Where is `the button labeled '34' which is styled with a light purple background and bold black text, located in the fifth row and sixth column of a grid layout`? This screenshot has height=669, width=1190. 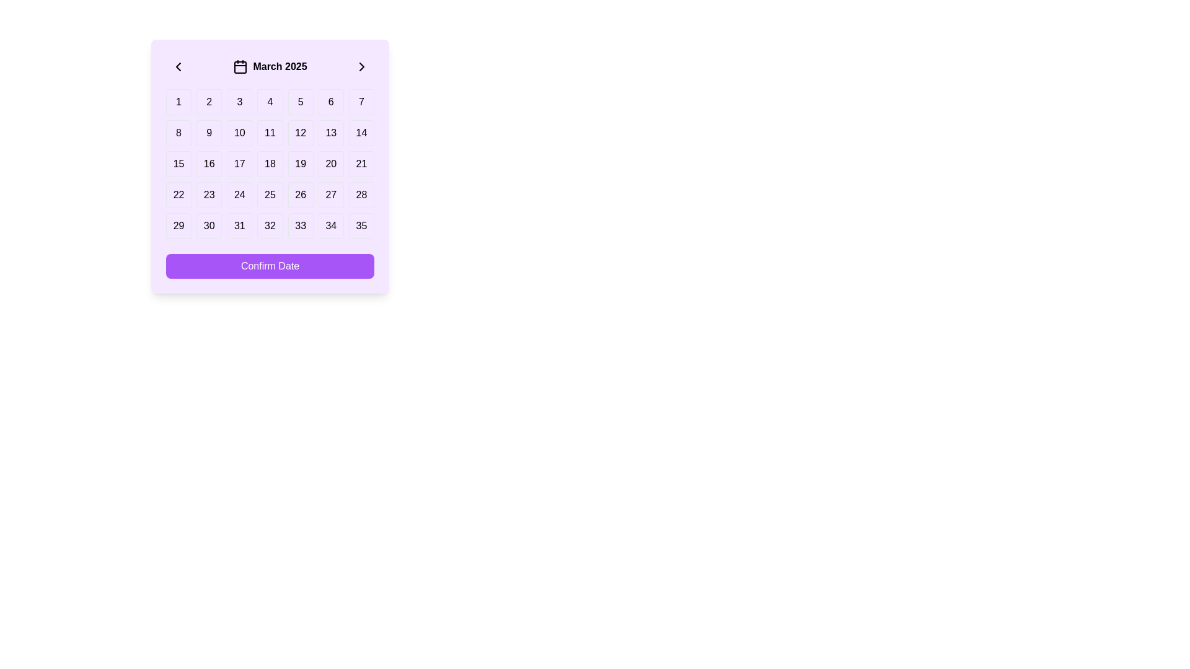
the button labeled '34' which is styled with a light purple background and bold black text, located in the fifth row and sixth column of a grid layout is located at coordinates (331, 226).